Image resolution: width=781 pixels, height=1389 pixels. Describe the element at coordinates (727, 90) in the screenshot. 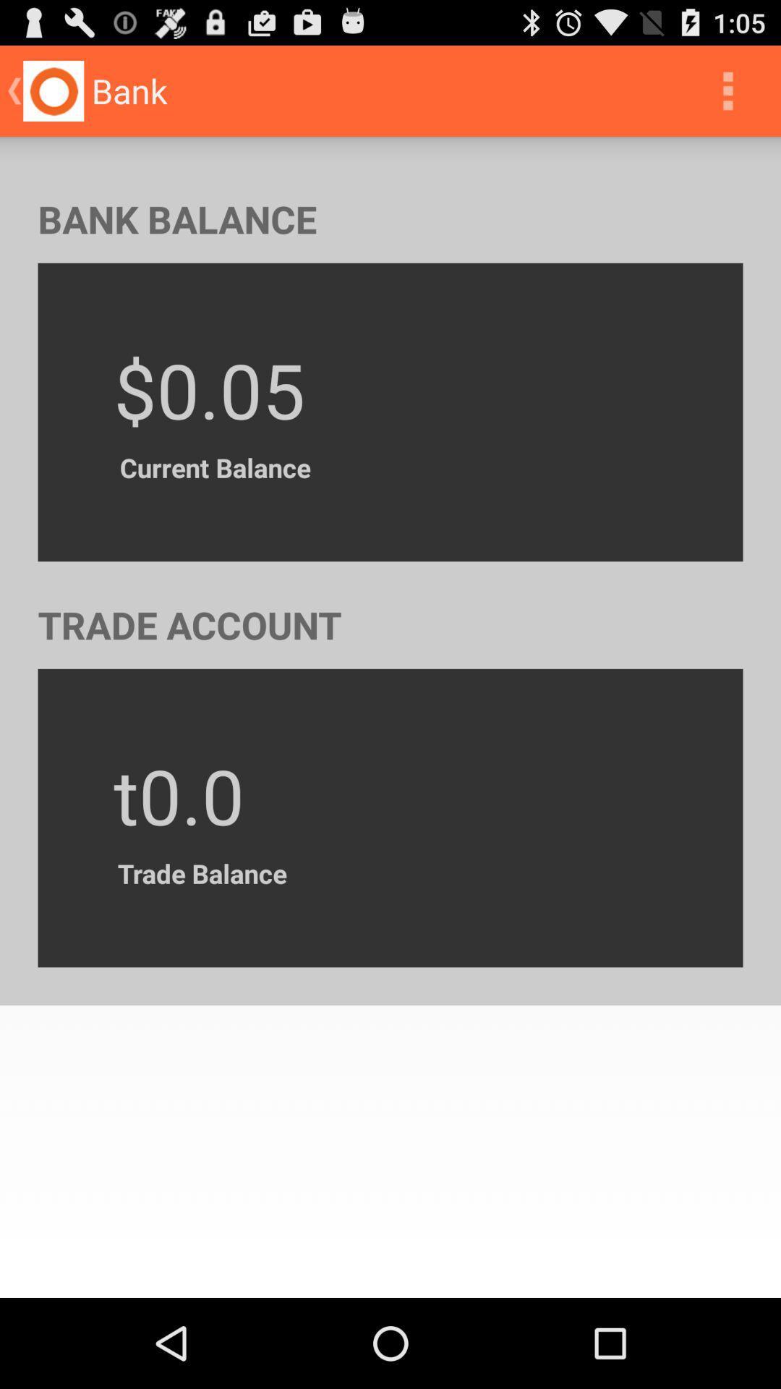

I see `item next to the bank` at that location.